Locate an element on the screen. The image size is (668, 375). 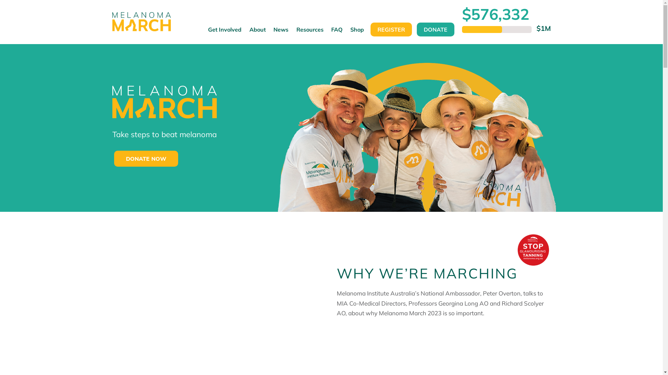
'$576,332' is located at coordinates (495, 14).